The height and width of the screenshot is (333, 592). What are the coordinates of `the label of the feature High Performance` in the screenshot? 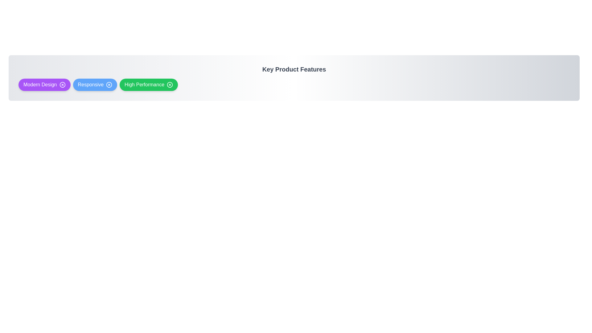 It's located at (144, 84).